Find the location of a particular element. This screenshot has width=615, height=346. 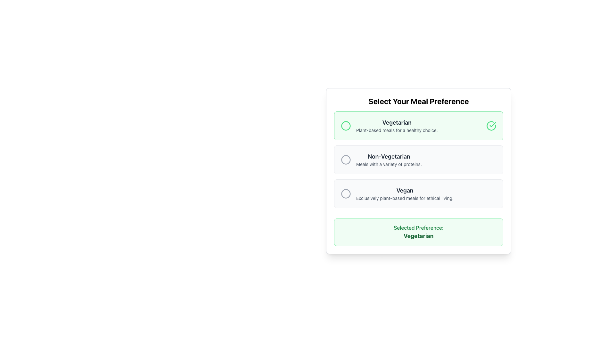

the text label displaying 'Selected Preference:' which is positioned at the bottom of the form in dark green color is located at coordinates (418, 227).